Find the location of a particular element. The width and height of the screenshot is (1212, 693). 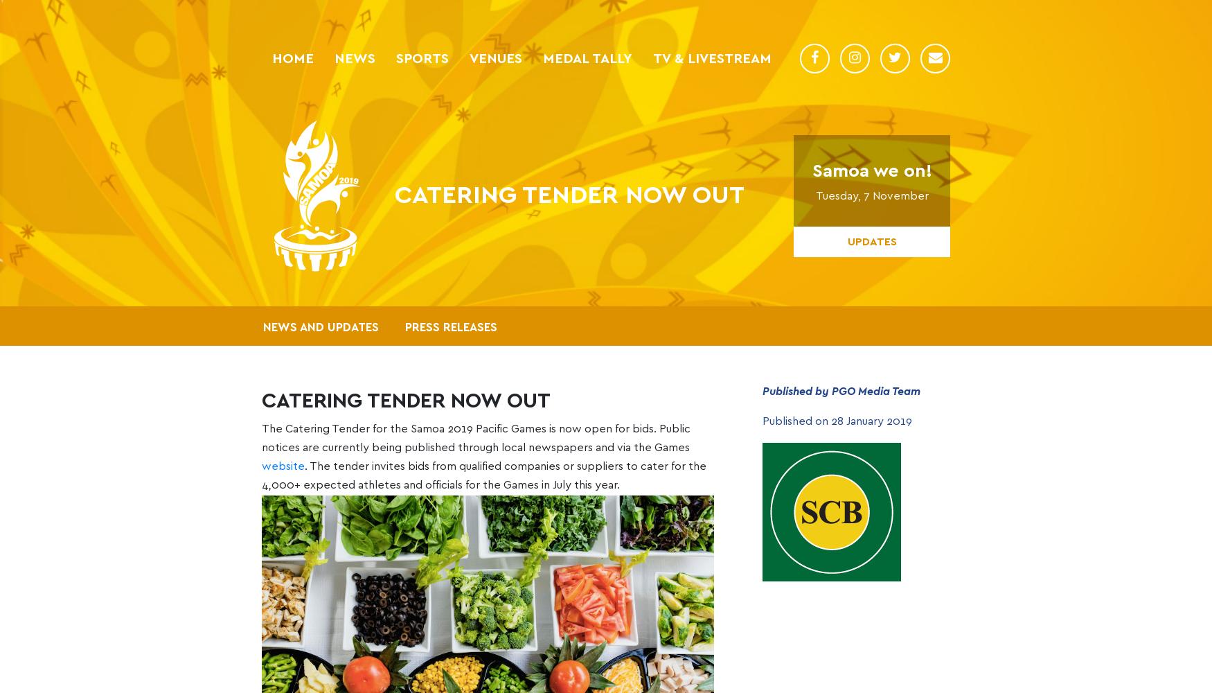

'. The tender invites bids from qualified companies or suppliers to cater for the 4,000+ expected athletes and officials for the Games in July this year.' is located at coordinates (483, 475).